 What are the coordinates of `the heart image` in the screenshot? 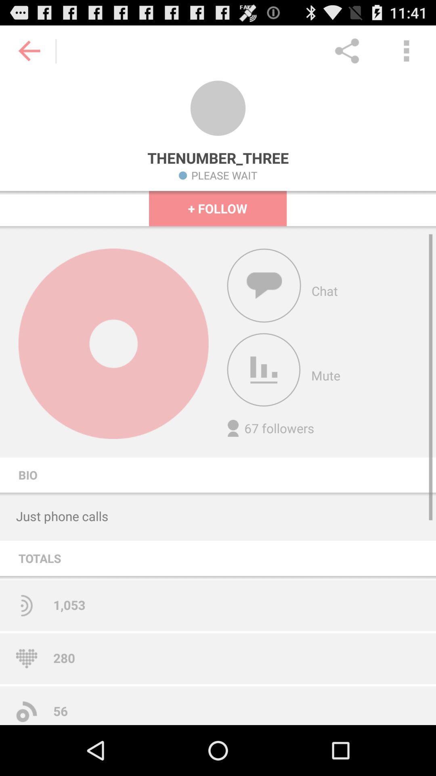 It's located at (26, 659).